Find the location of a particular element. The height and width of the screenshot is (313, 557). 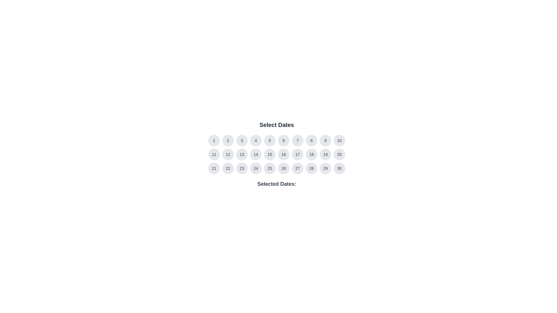

the circular button displaying the number '19', which has a light gray background and dark gray text, located below the heading 'Select Dates' is located at coordinates (325, 154).